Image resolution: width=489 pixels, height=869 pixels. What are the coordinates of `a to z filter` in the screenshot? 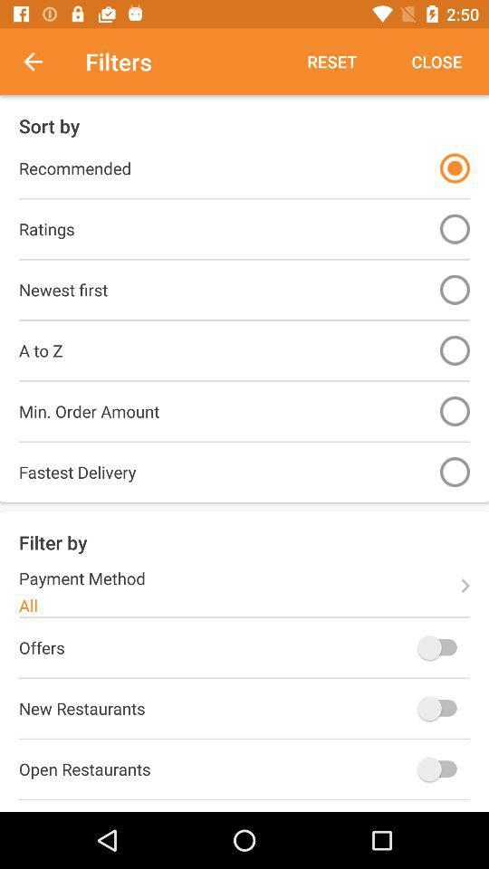 It's located at (454, 349).